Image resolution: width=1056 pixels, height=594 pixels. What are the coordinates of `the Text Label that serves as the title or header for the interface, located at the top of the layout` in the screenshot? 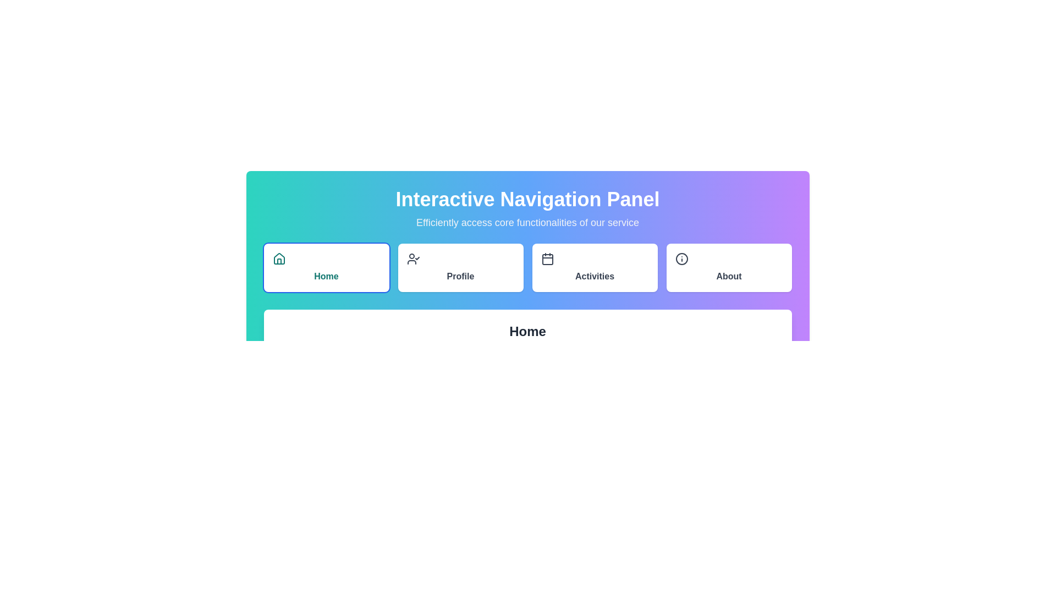 It's located at (527, 199).